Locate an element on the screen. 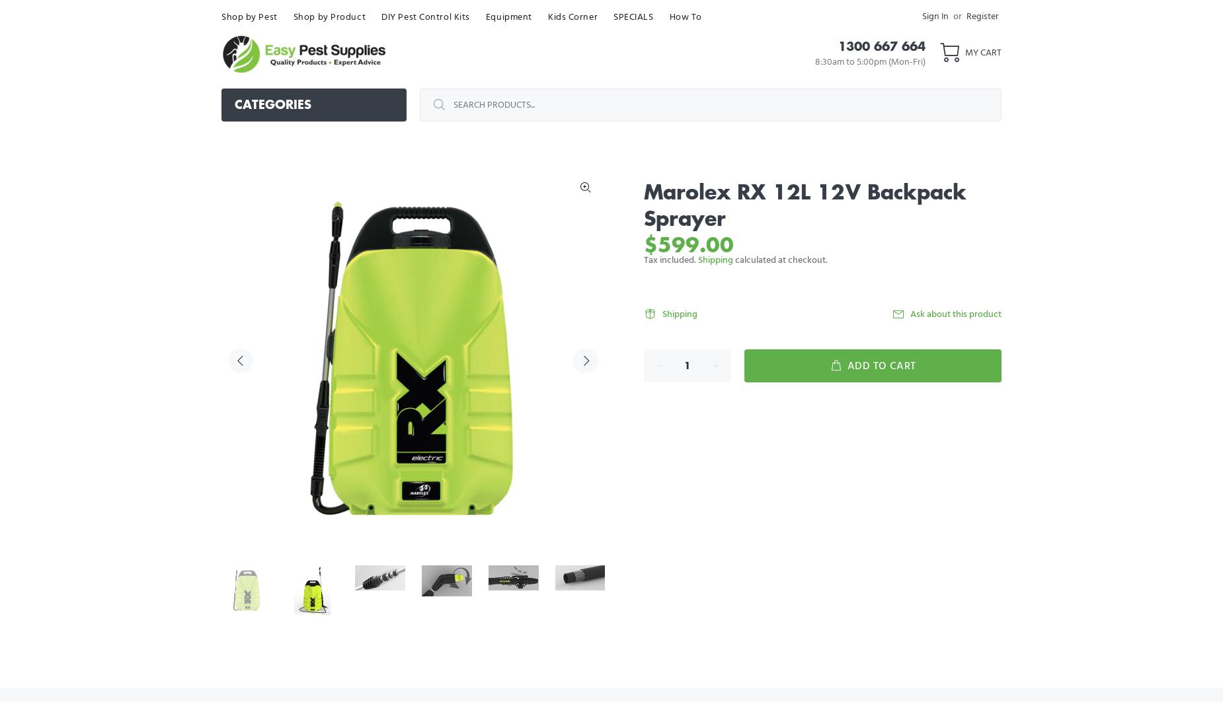 The image size is (1223, 706). 'DIY Pest Control Kits' is located at coordinates (381, 17).